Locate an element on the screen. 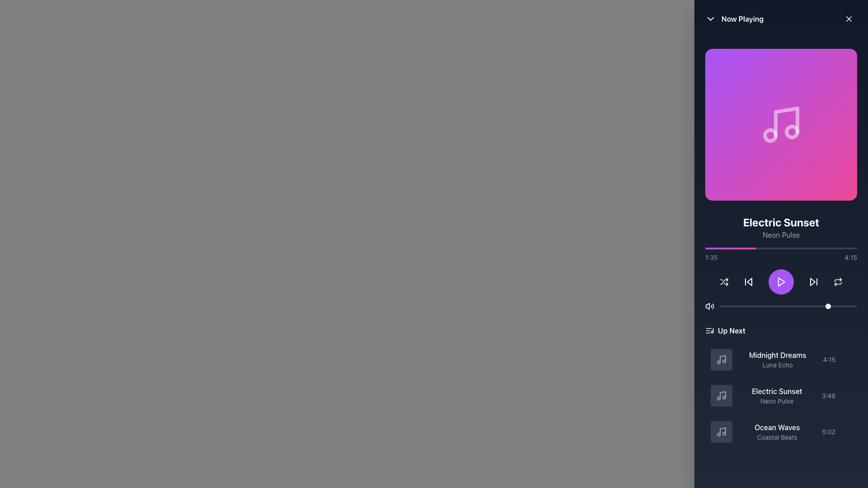  the playback toggle button in the central control panel of the music player interface is located at coordinates (781, 282).